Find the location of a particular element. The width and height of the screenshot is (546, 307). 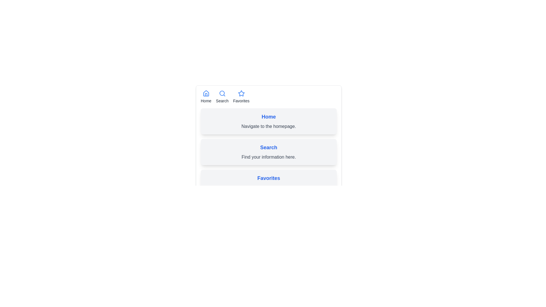

the 'Favorites' button located in the top navigation bar, positioned is located at coordinates (241, 96).